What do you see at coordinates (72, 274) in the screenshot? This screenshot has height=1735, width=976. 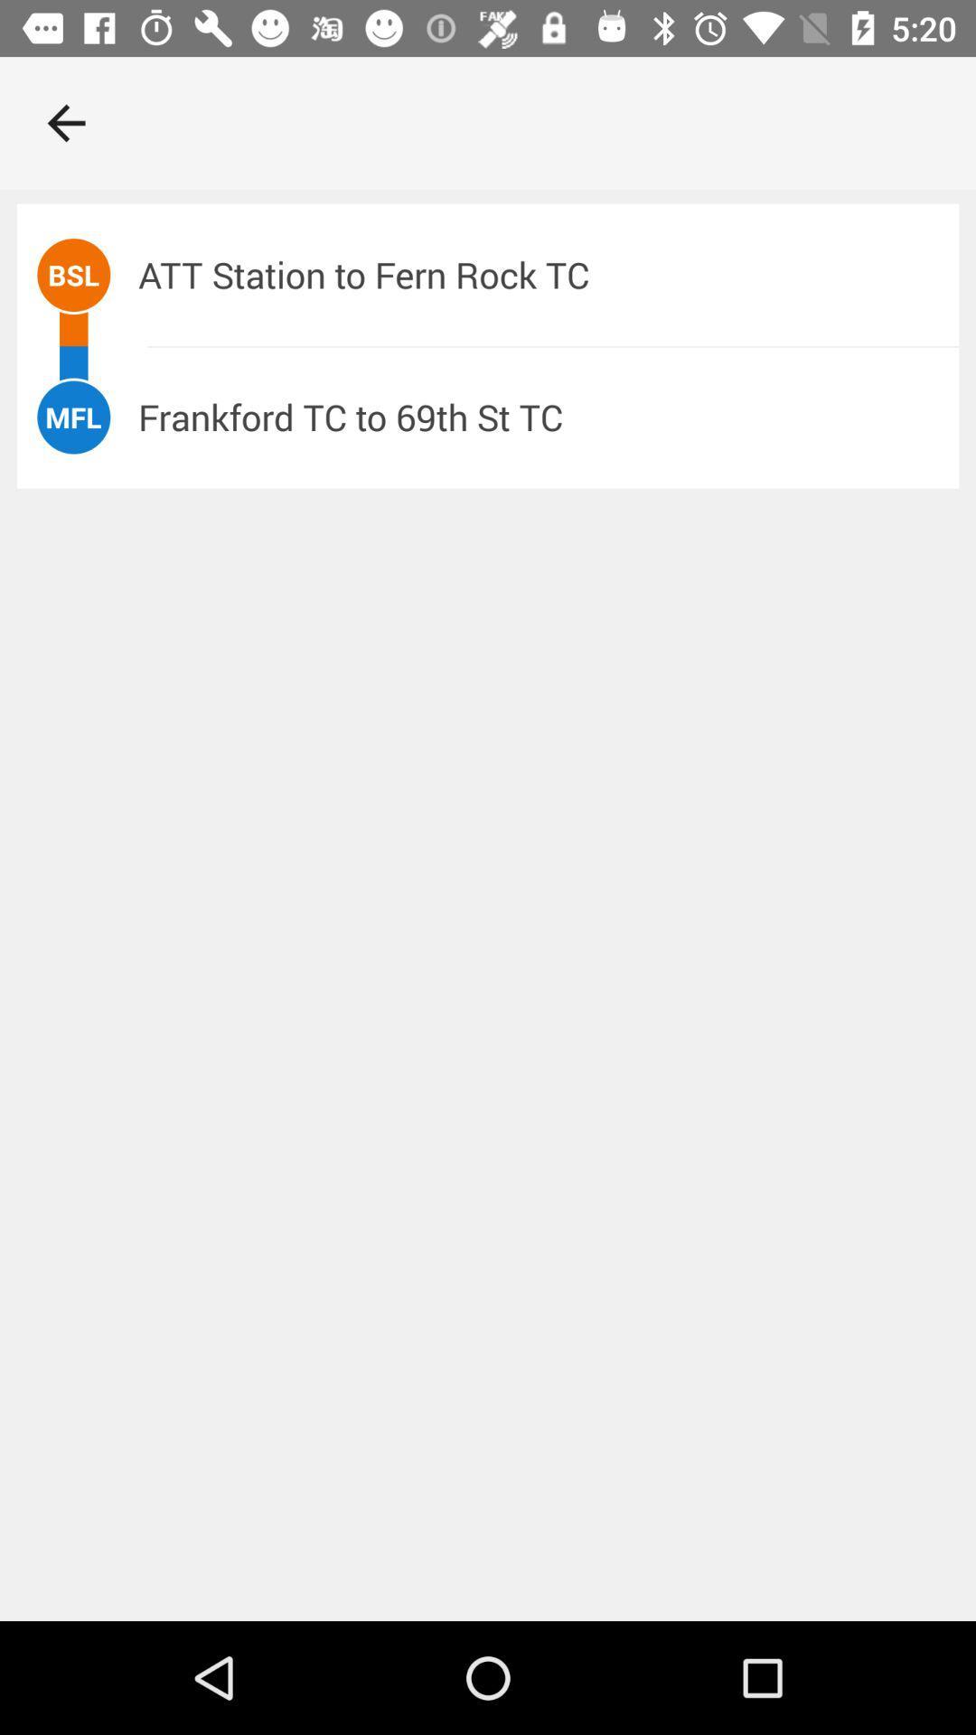 I see `the bsl` at bounding box center [72, 274].